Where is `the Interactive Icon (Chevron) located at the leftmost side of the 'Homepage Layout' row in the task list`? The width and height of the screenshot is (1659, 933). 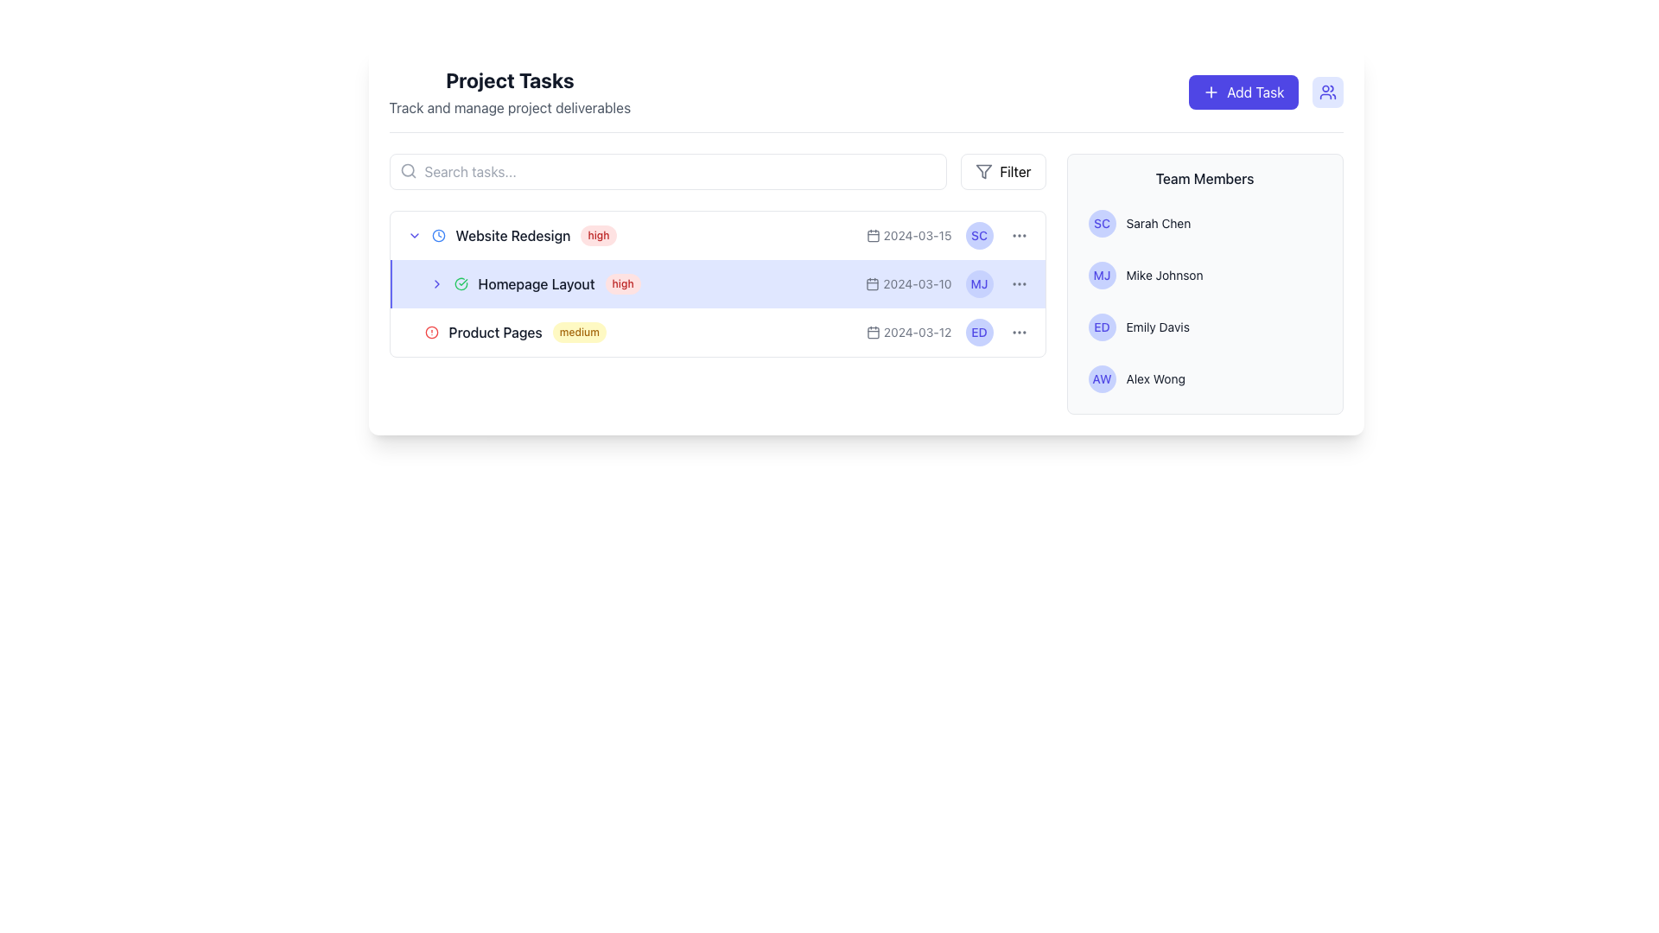
the Interactive Icon (Chevron) located at the leftmost side of the 'Homepage Layout' row in the task list is located at coordinates (436, 282).